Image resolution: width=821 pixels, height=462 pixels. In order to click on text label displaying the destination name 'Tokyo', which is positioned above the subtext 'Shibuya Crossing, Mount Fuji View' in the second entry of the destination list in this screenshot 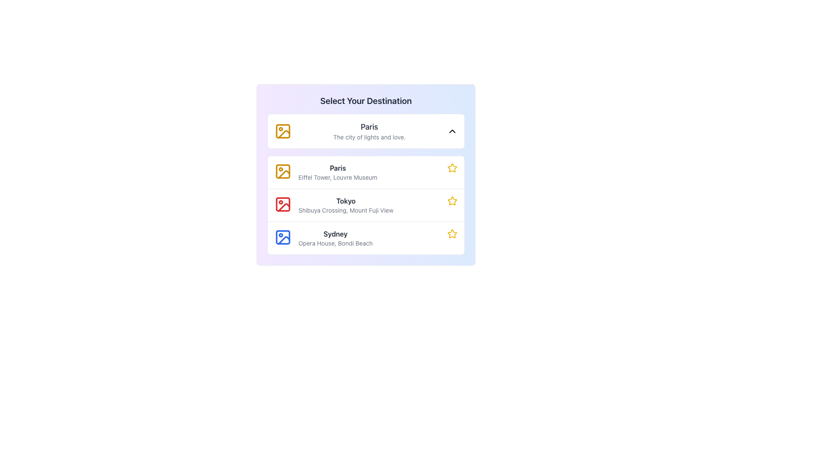, I will do `click(346, 201)`.